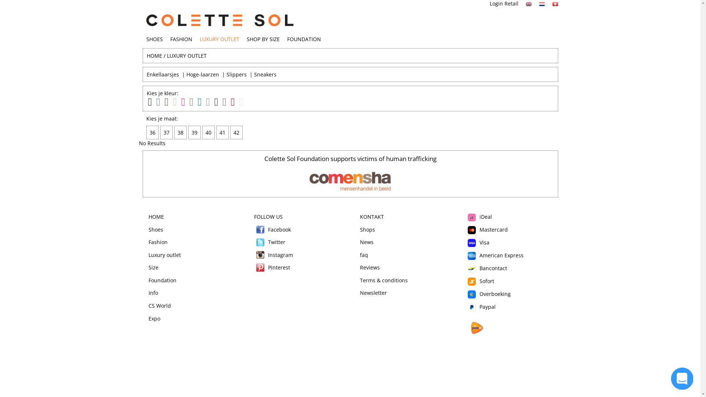 The image size is (706, 397). I want to click on ' Facebook', so click(272, 229).